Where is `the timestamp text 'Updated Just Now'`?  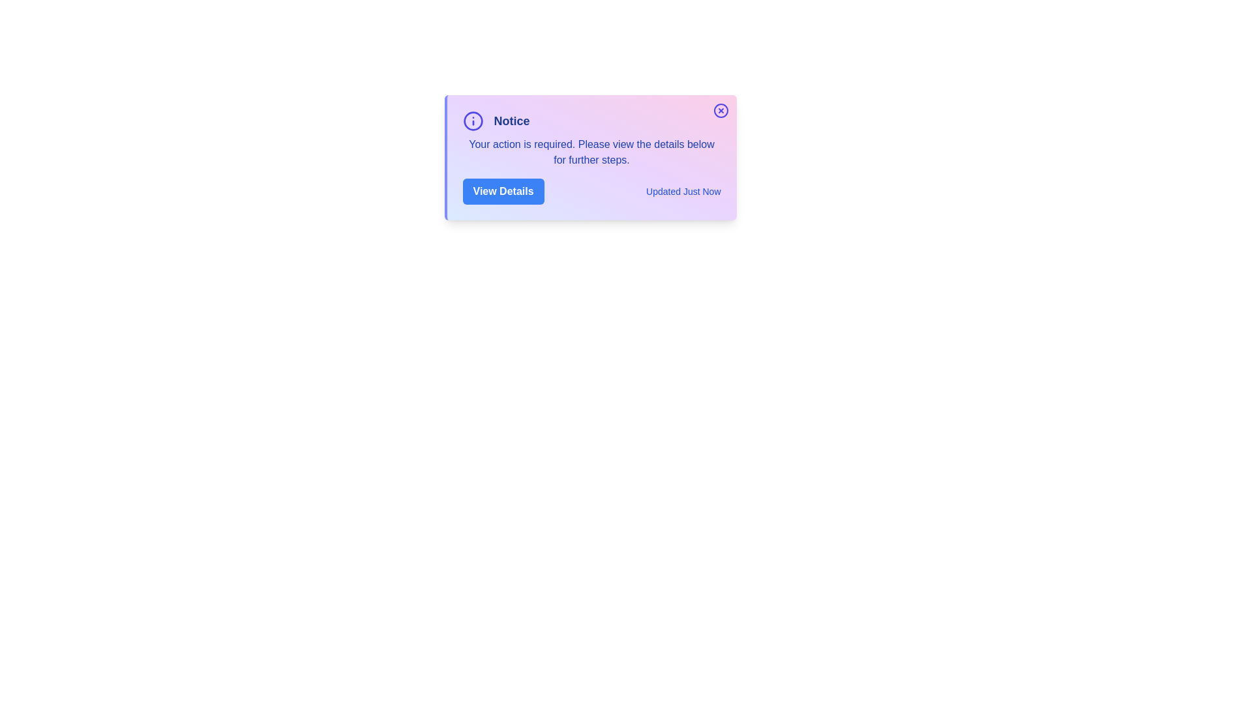
the timestamp text 'Updated Just Now' is located at coordinates (682, 191).